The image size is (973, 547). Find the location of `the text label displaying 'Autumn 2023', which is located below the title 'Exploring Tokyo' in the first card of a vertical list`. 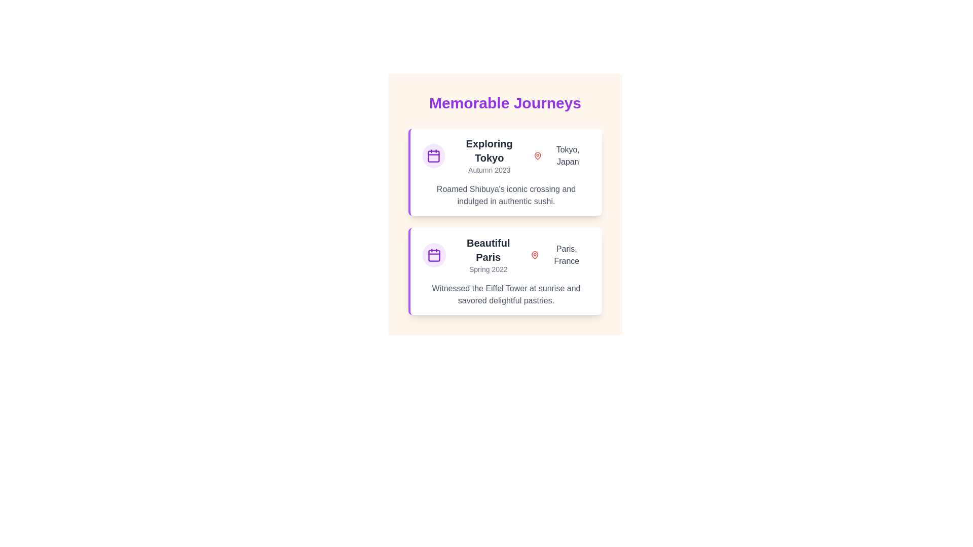

the text label displaying 'Autumn 2023', which is located below the title 'Exploring Tokyo' in the first card of a vertical list is located at coordinates (489, 169).